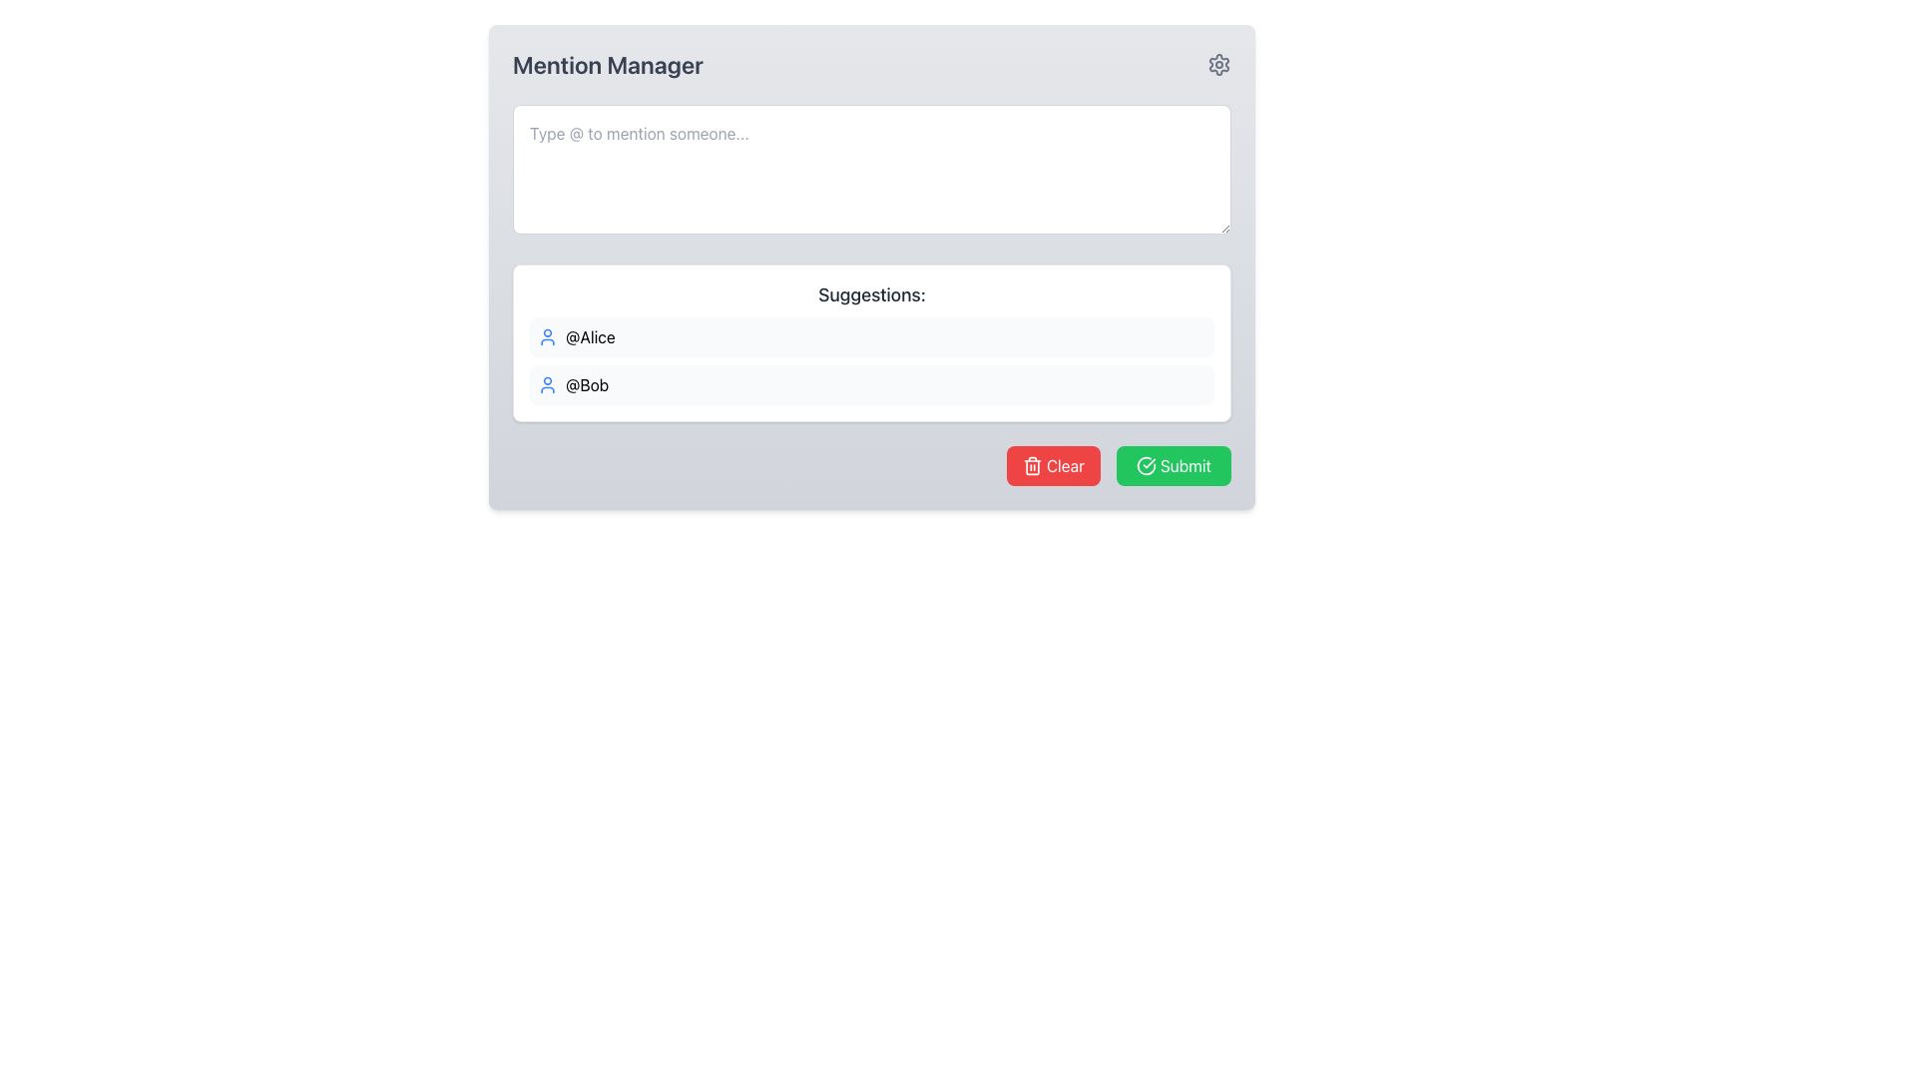  I want to click on the text label displaying '@Alice' for further options, so click(589, 336).